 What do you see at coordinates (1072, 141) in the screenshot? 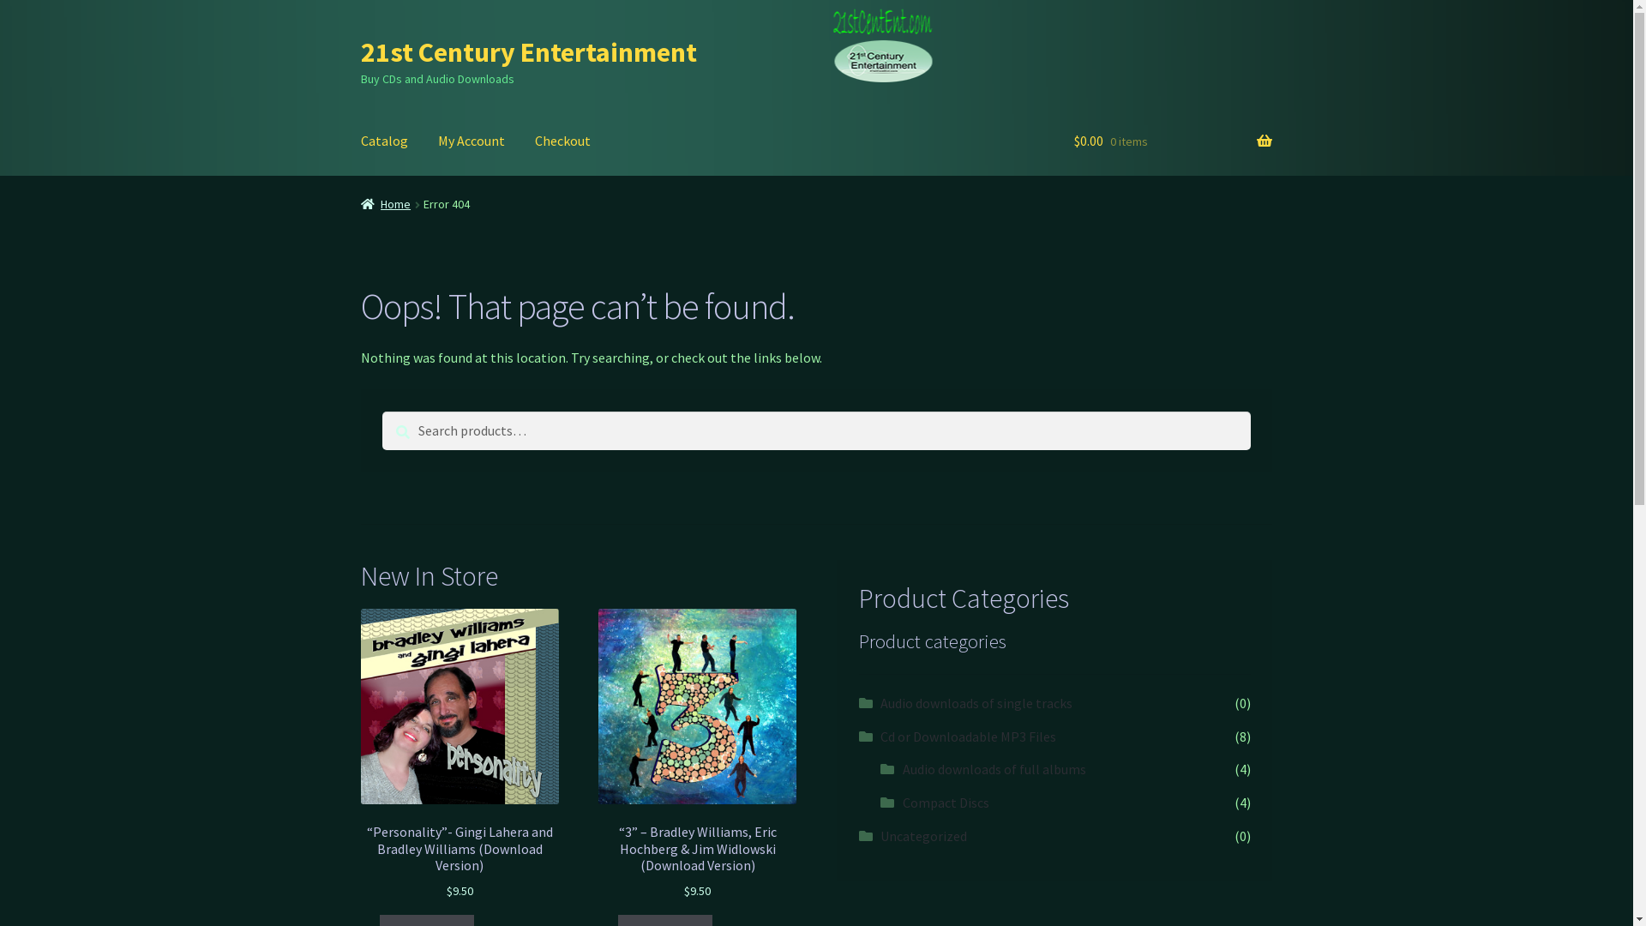
I see `'$0.00 0 items'` at bounding box center [1072, 141].